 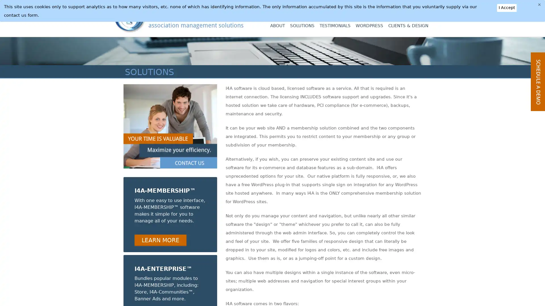 What do you see at coordinates (507, 8) in the screenshot?
I see `I Accept` at bounding box center [507, 8].